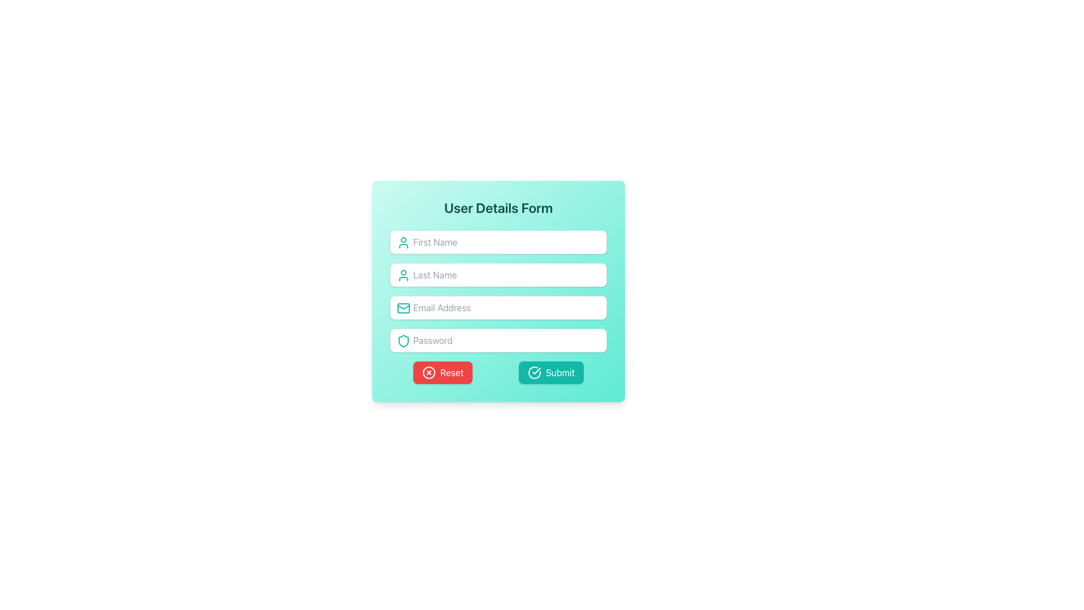  What do you see at coordinates (551, 372) in the screenshot?
I see `the submit button located on the right side of the footer section of the 'User Details Form'` at bounding box center [551, 372].